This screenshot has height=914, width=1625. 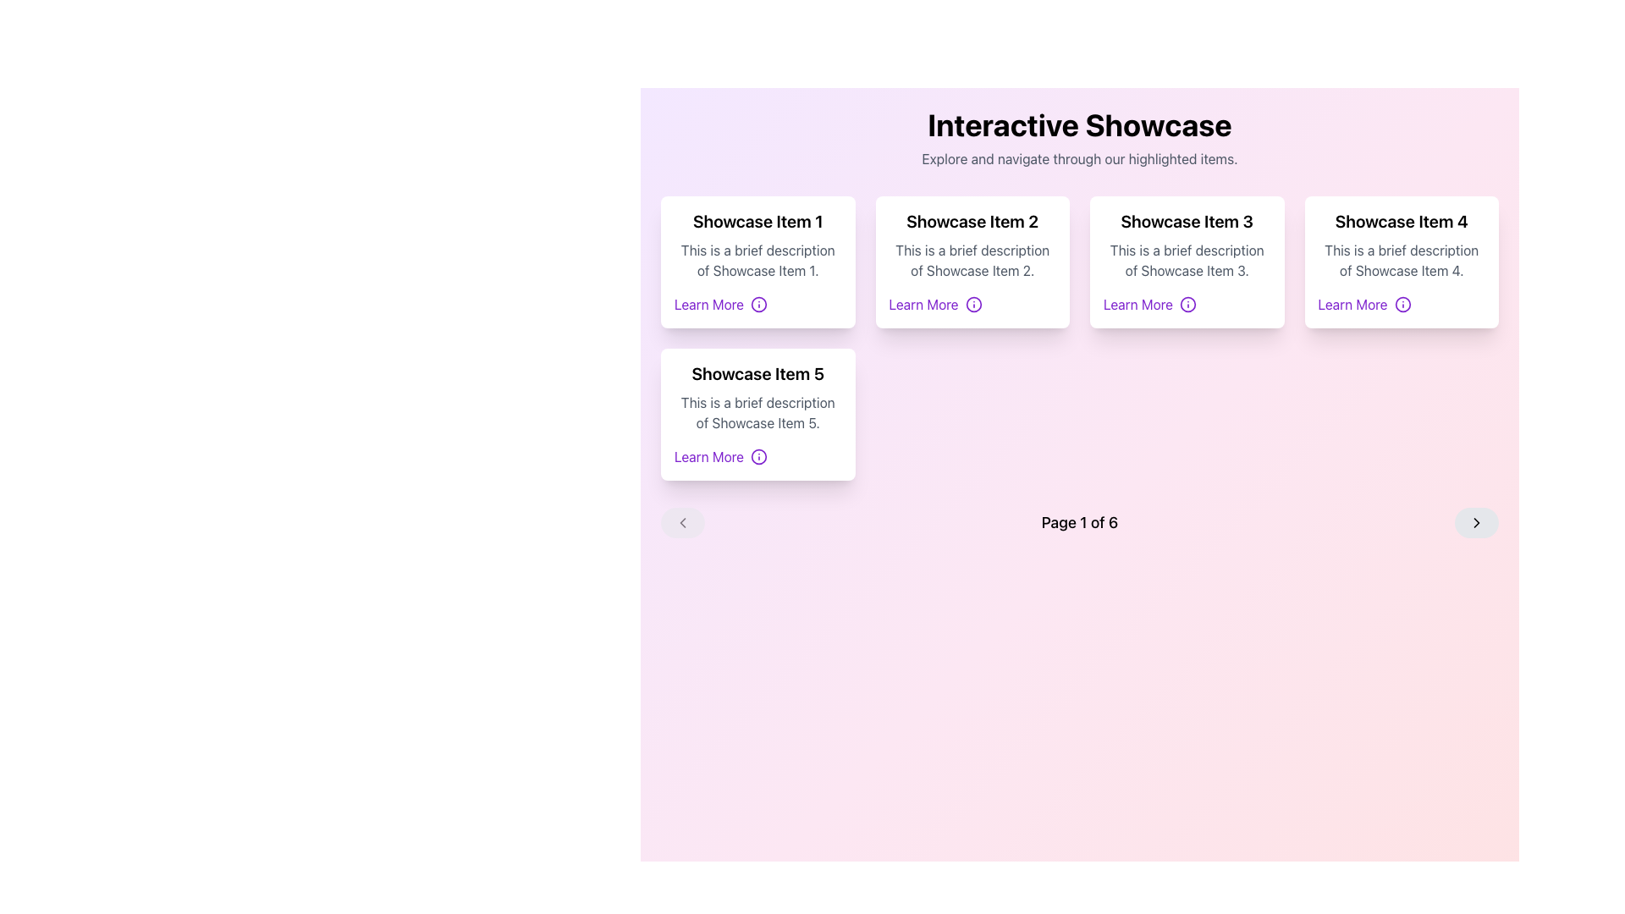 I want to click on the information mark icon adjacent to the 'Learn More' text link in 'Showcase Item 1' card, so click(x=758, y=303).